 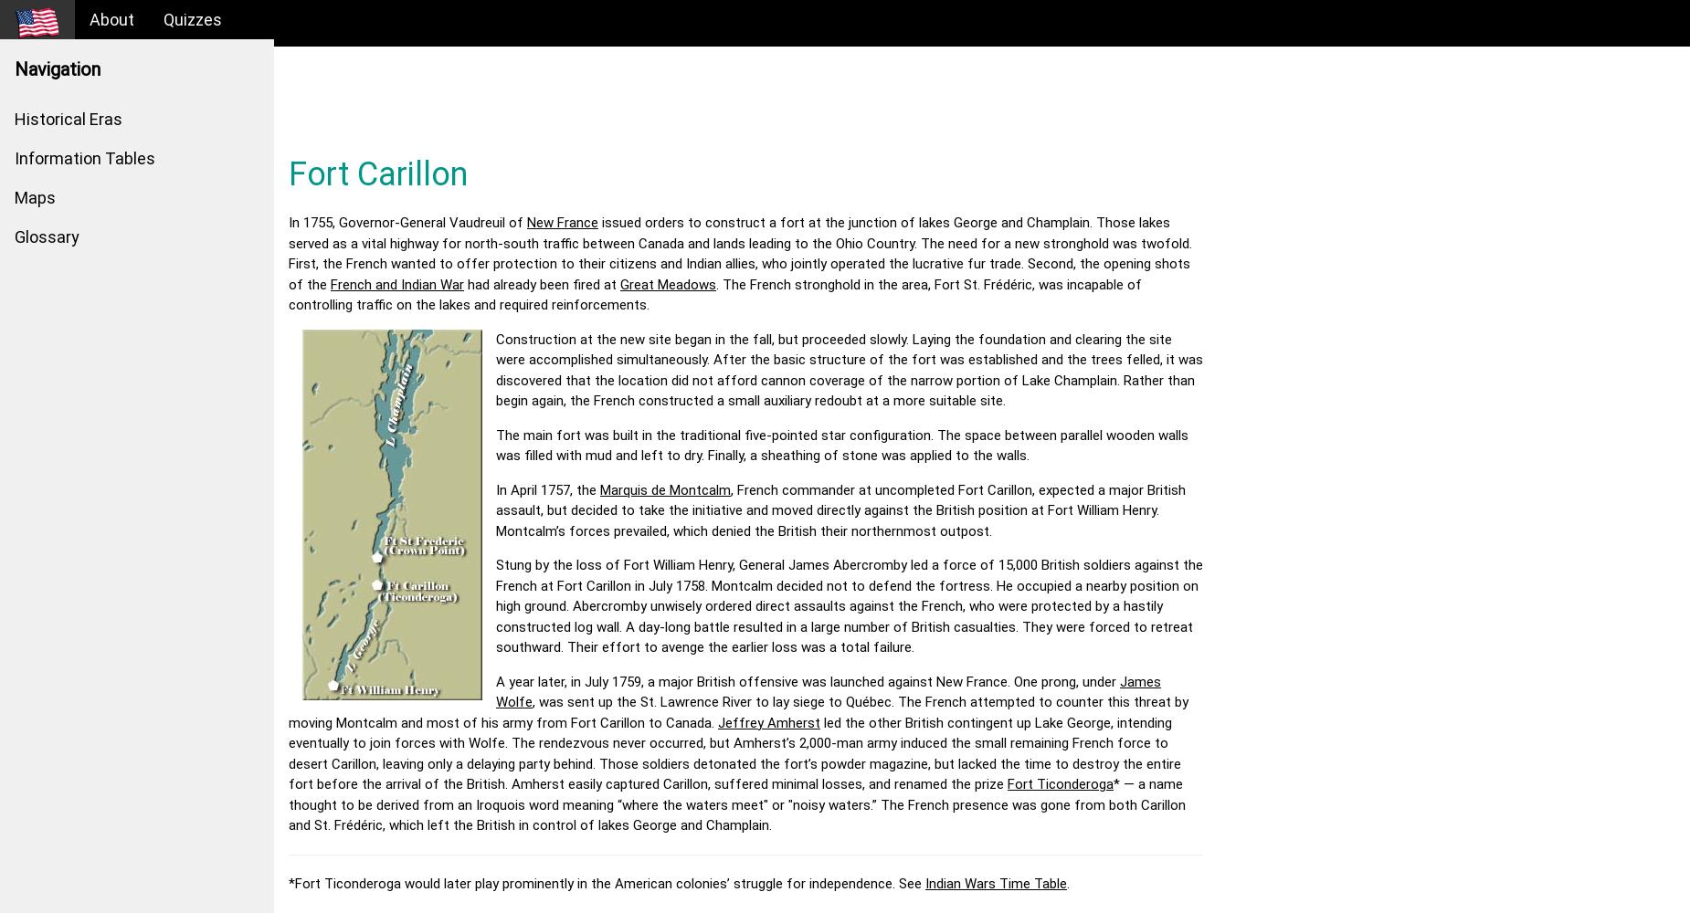 What do you see at coordinates (740, 253) in the screenshot?
I see `'issued orders to construct a fort at the junction of lakes George and Champlain.  Those lakes served as a vital highway for north-south traffic between Canada and lands leading to the Ohio Country.  The need for a new stronghold was twofold.  First, the French wanted to offer protection to their citizens and Indian allies, who jointly operated the lucrative fur trade.  Second, the opening shots of the'` at bounding box center [740, 253].